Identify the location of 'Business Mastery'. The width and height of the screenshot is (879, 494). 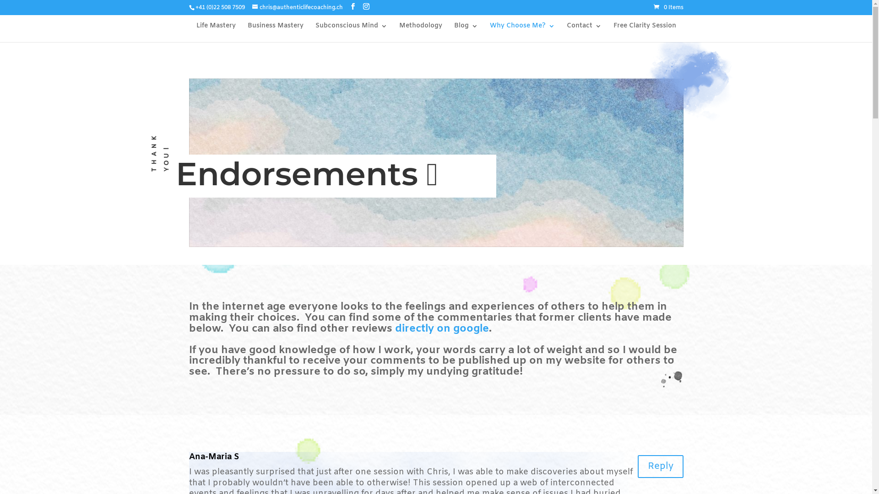
(247, 32).